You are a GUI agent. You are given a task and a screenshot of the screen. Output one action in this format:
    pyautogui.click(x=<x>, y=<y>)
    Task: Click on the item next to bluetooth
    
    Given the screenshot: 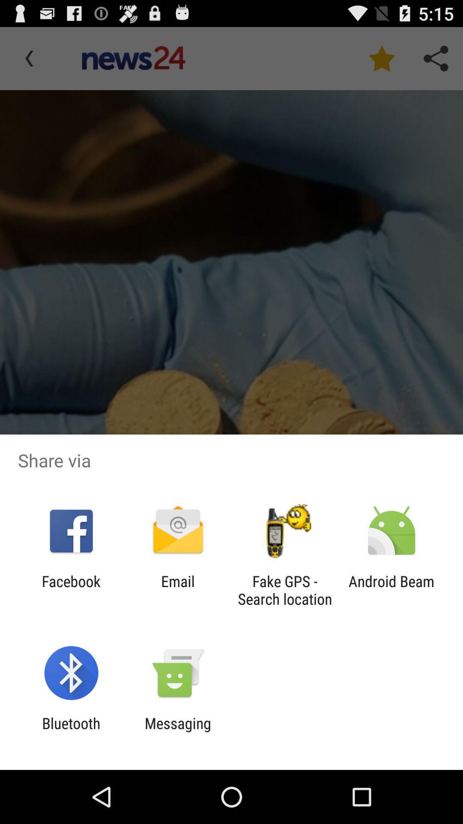 What is the action you would take?
    pyautogui.click(x=177, y=732)
    